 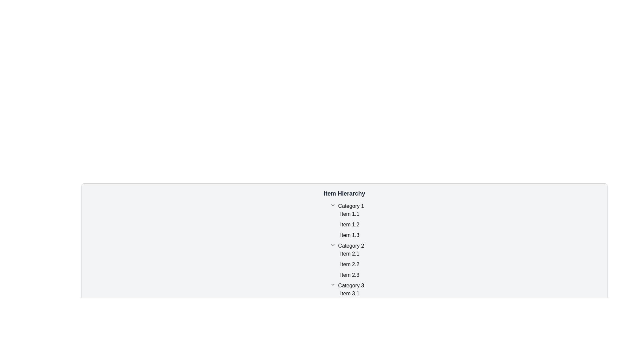 What do you see at coordinates (351, 206) in the screenshot?
I see `the text label element displaying 'Category 1', which serves as a header for the first group of items in the UI, located under the 'Item Hierarchy' section` at bounding box center [351, 206].